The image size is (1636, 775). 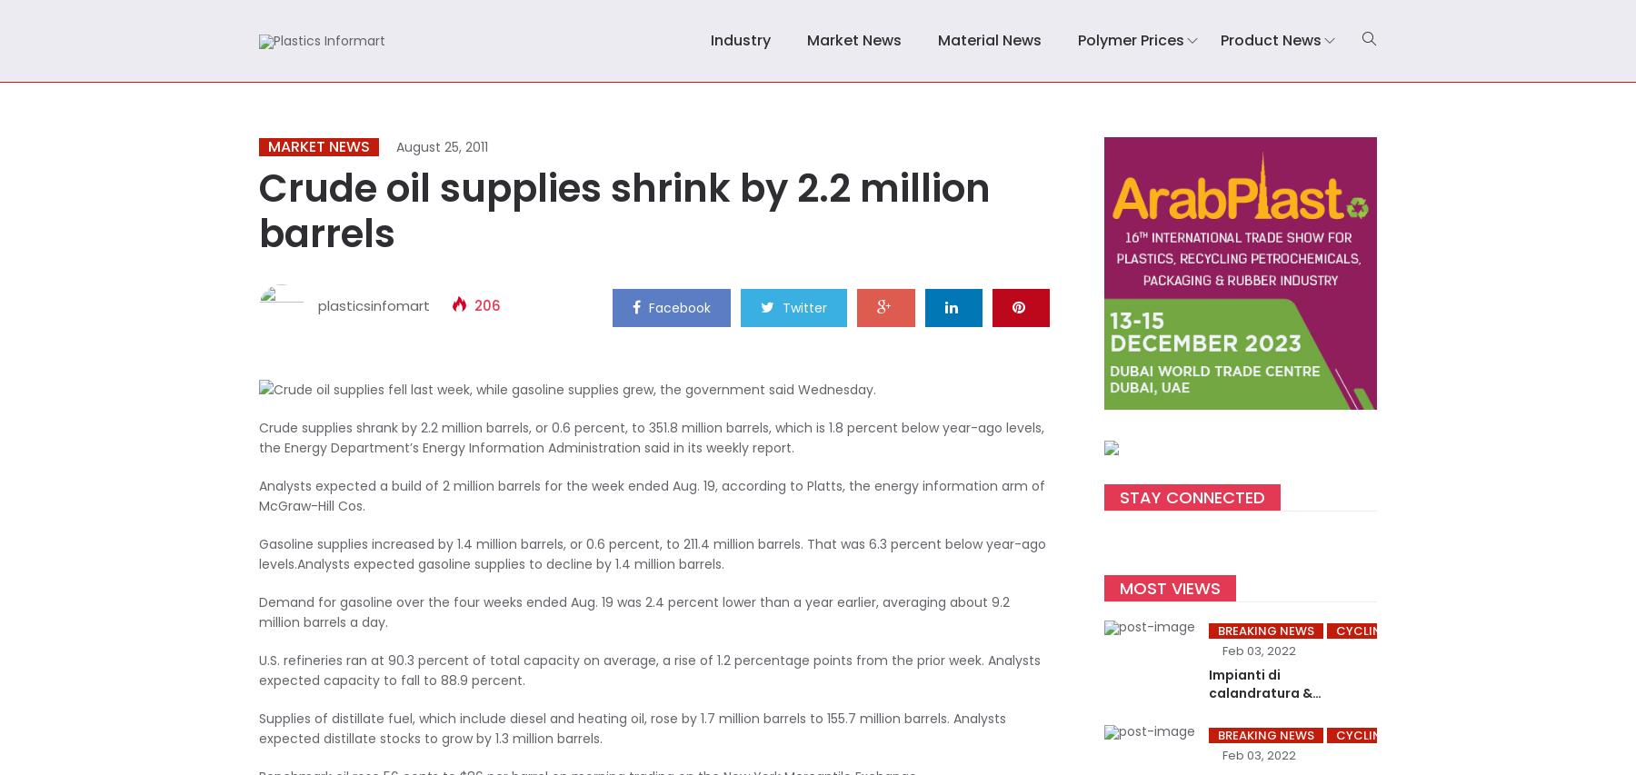 What do you see at coordinates (648, 670) in the screenshot?
I see `'U.S. refineries ran at 90.3 percent of total capacity on average, a rise of 1.2 percentage points from the prior week. Analysts expected capacity to fall to 88.9 percent.'` at bounding box center [648, 670].